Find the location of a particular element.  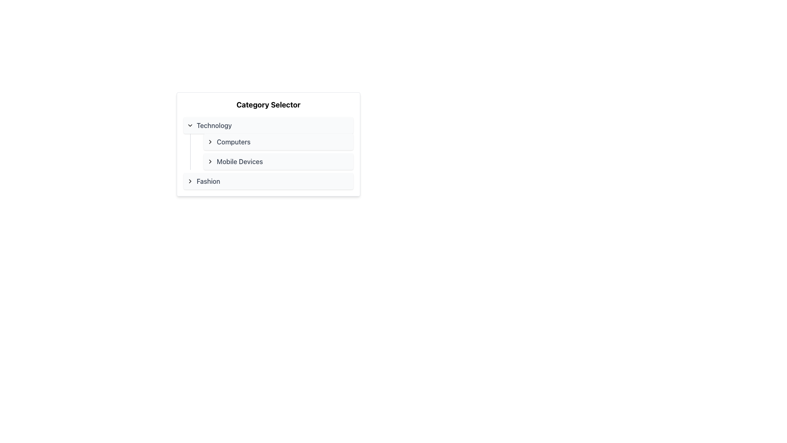

the 'Fashion' text label in the sidebar menu, which serves as a visual representation of the category and is located to the right of a chevron icon is located at coordinates (208, 181).